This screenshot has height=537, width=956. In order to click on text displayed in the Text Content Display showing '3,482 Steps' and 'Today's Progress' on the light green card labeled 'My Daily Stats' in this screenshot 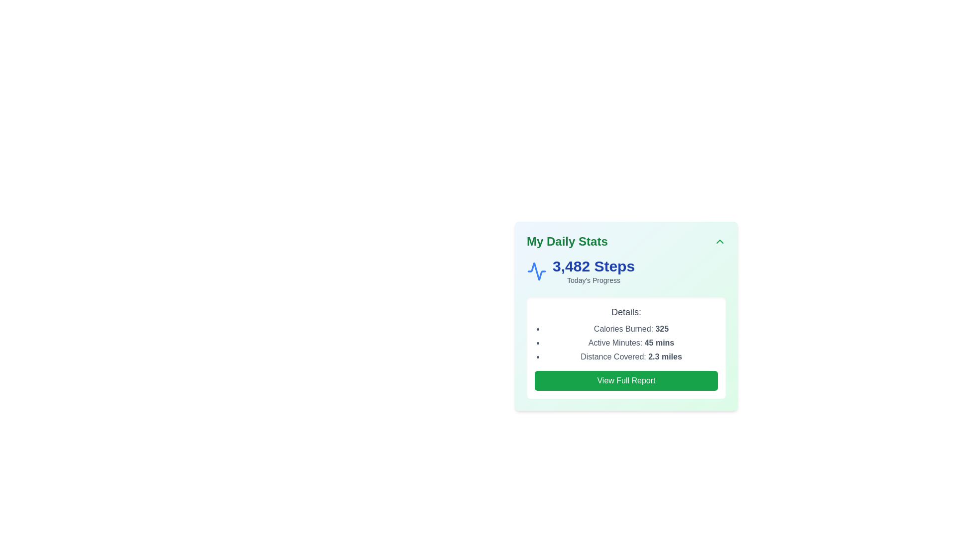, I will do `click(594, 271)`.